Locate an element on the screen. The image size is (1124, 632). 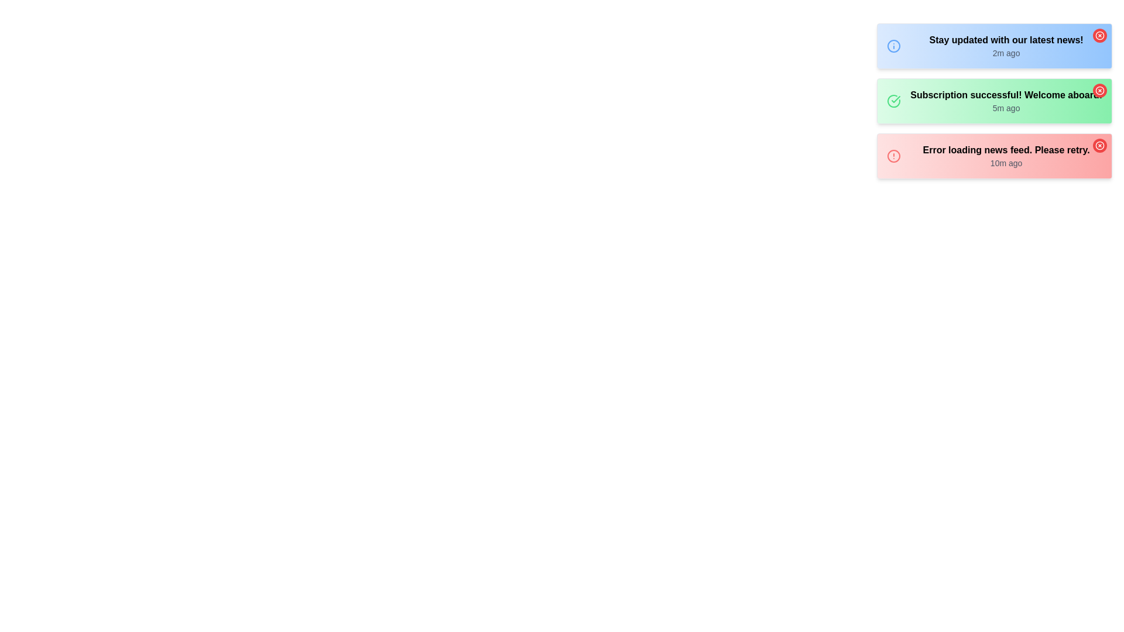
the circular red close button with an 'X' icon located at the top-right corner of the notification card is located at coordinates (1099, 90).